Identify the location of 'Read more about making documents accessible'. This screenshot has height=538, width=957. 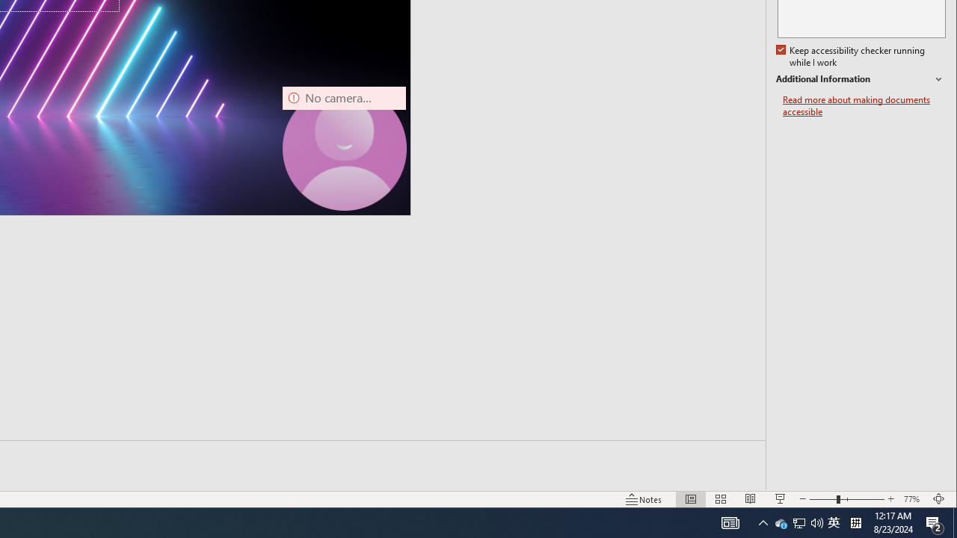
(864, 105).